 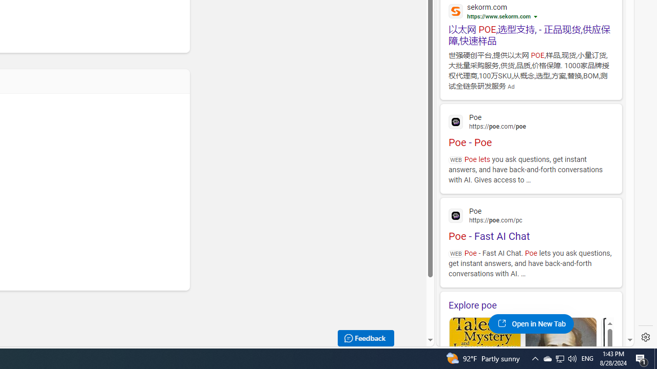 What do you see at coordinates (455, 215) in the screenshot?
I see `'Global web icon'` at bounding box center [455, 215].